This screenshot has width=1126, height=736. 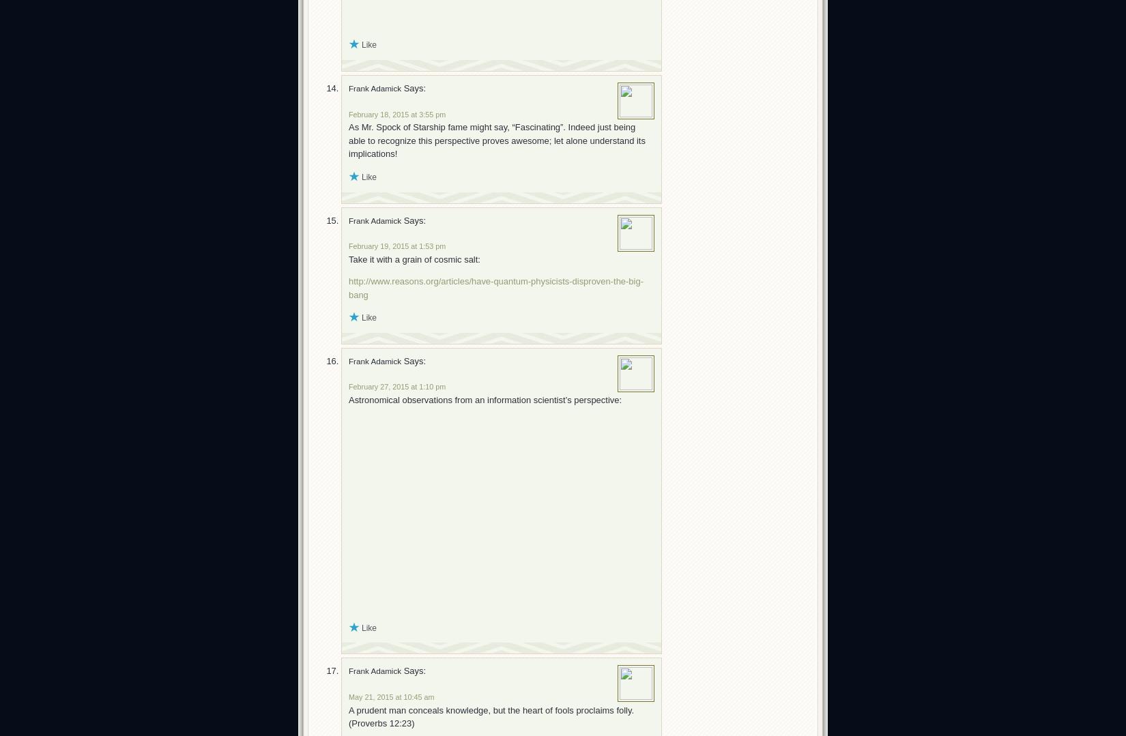 What do you see at coordinates (484, 400) in the screenshot?
I see `'Astronomical observations from an information scientist’s perspective:'` at bounding box center [484, 400].